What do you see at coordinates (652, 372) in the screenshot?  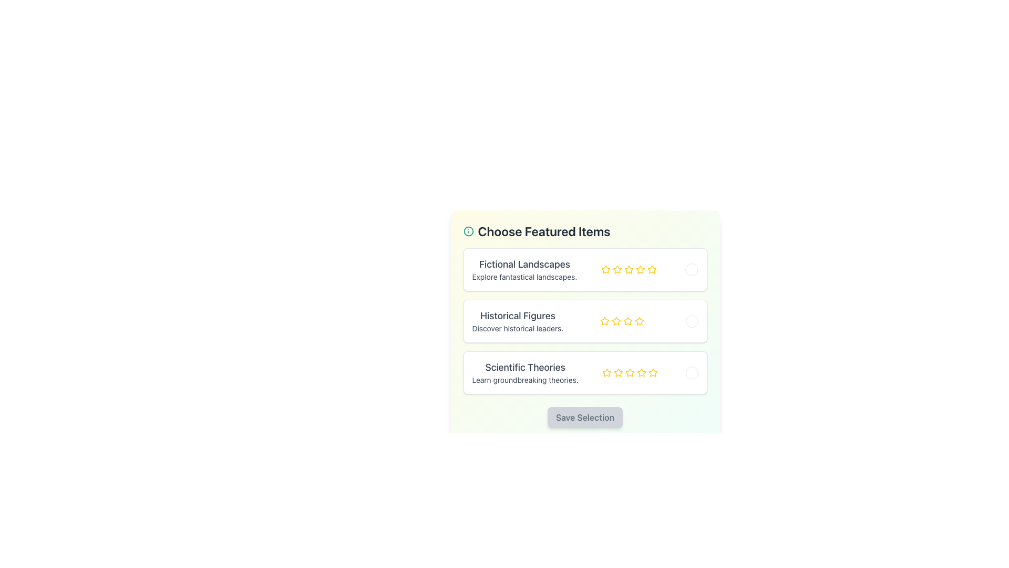 I see `the fifth star icon with a yellow outline and hollow center in the 'Scientific Theories' section` at bounding box center [652, 372].